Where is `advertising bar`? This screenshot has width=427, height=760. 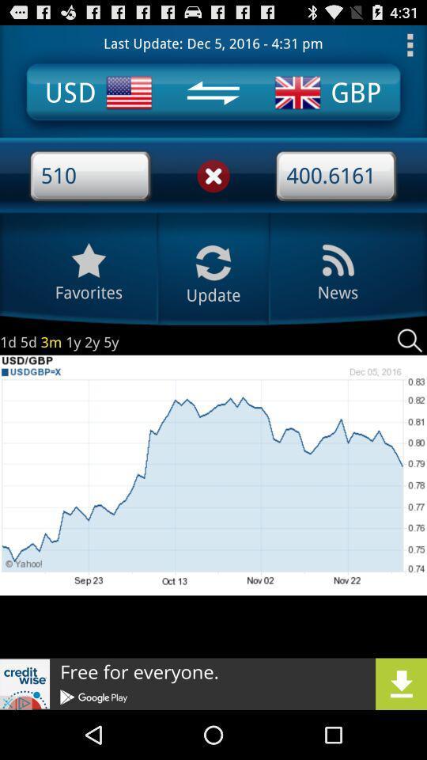 advertising bar is located at coordinates (213, 683).